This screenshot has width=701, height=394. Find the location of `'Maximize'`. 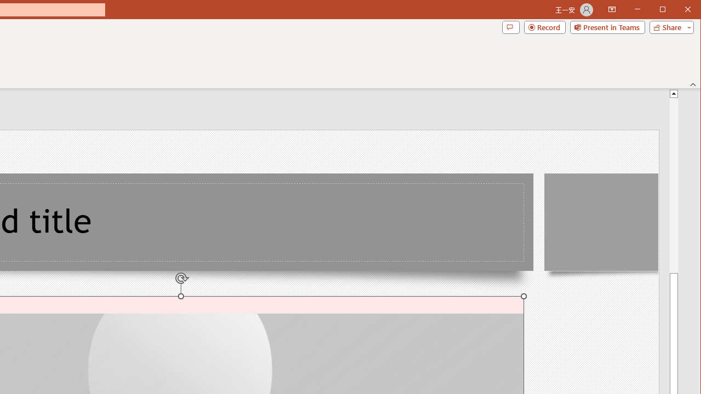

'Maximize' is located at coordinates (678, 10).